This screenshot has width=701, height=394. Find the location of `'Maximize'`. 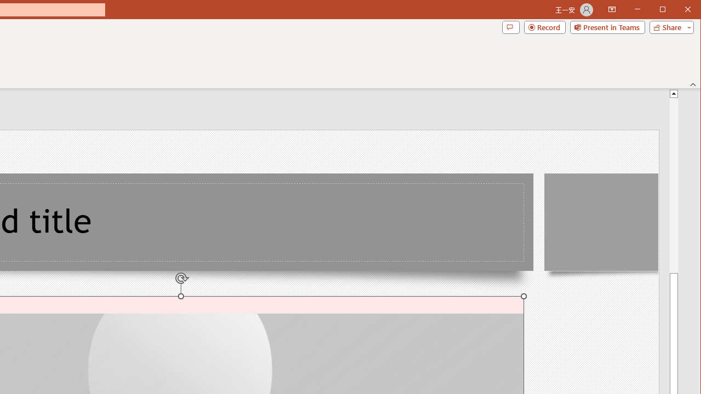

'Maximize' is located at coordinates (678, 10).